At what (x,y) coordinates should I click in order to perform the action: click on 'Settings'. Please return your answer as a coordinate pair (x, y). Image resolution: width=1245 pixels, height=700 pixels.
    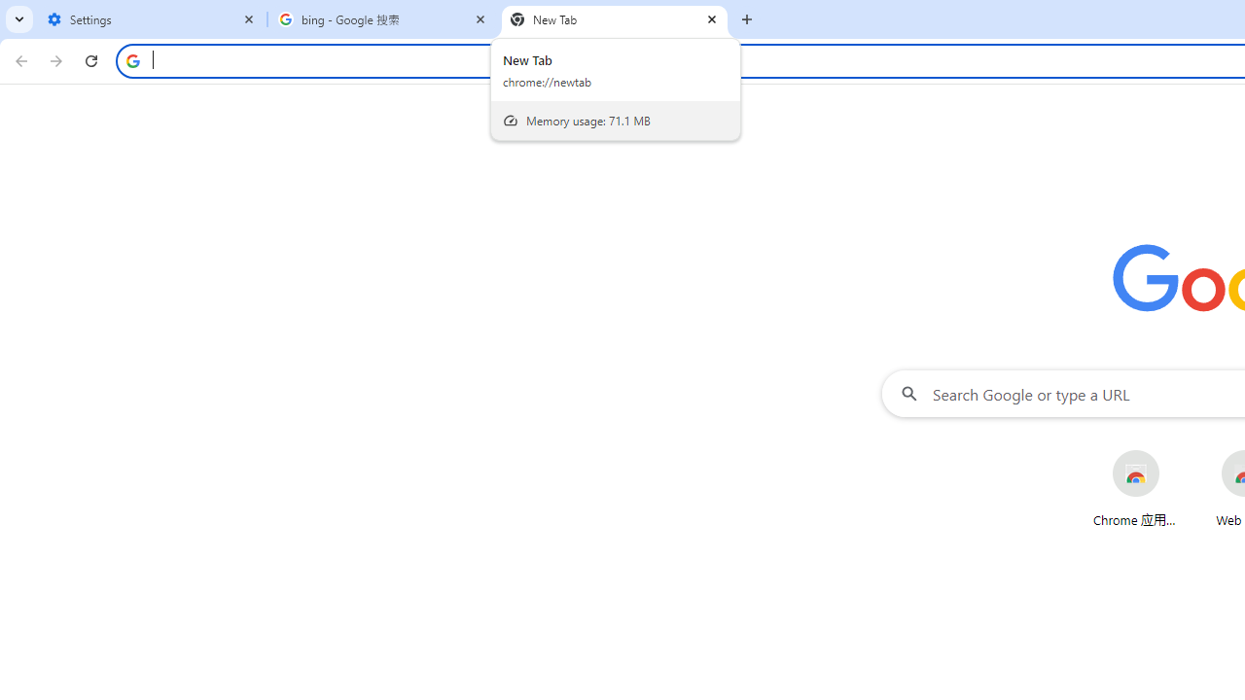
    Looking at the image, I should click on (151, 19).